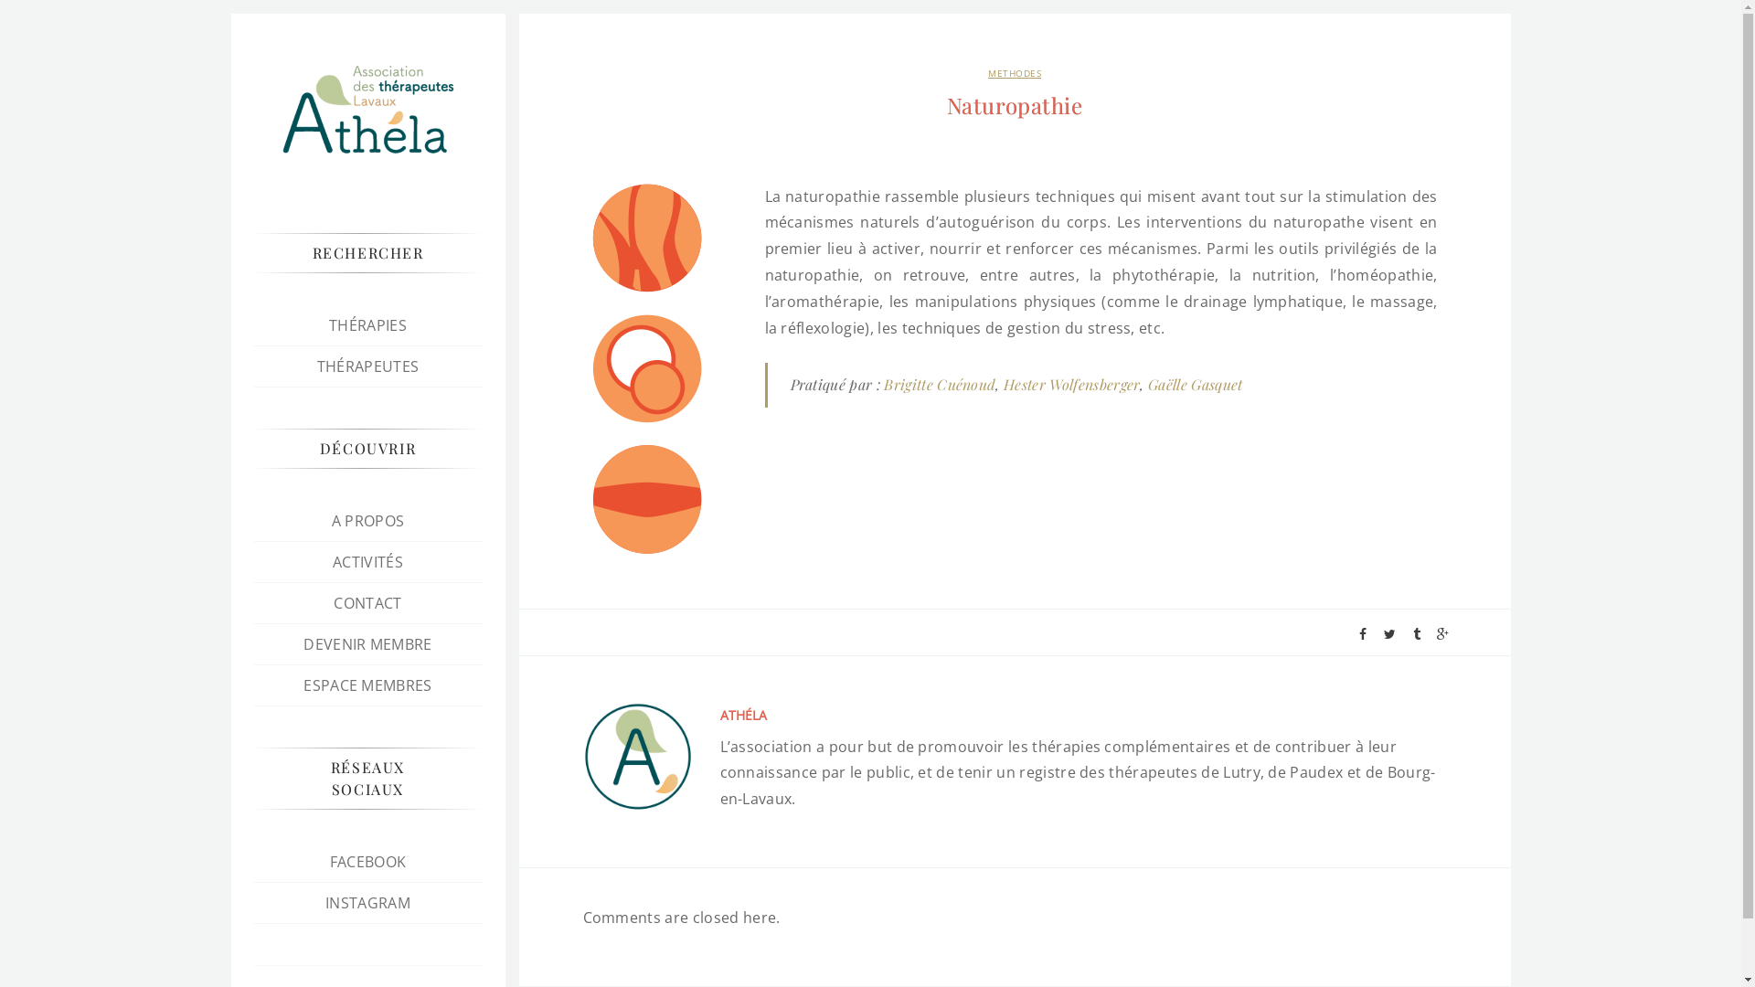  Describe the element at coordinates (367, 521) in the screenshot. I see `'A PROPOS'` at that location.